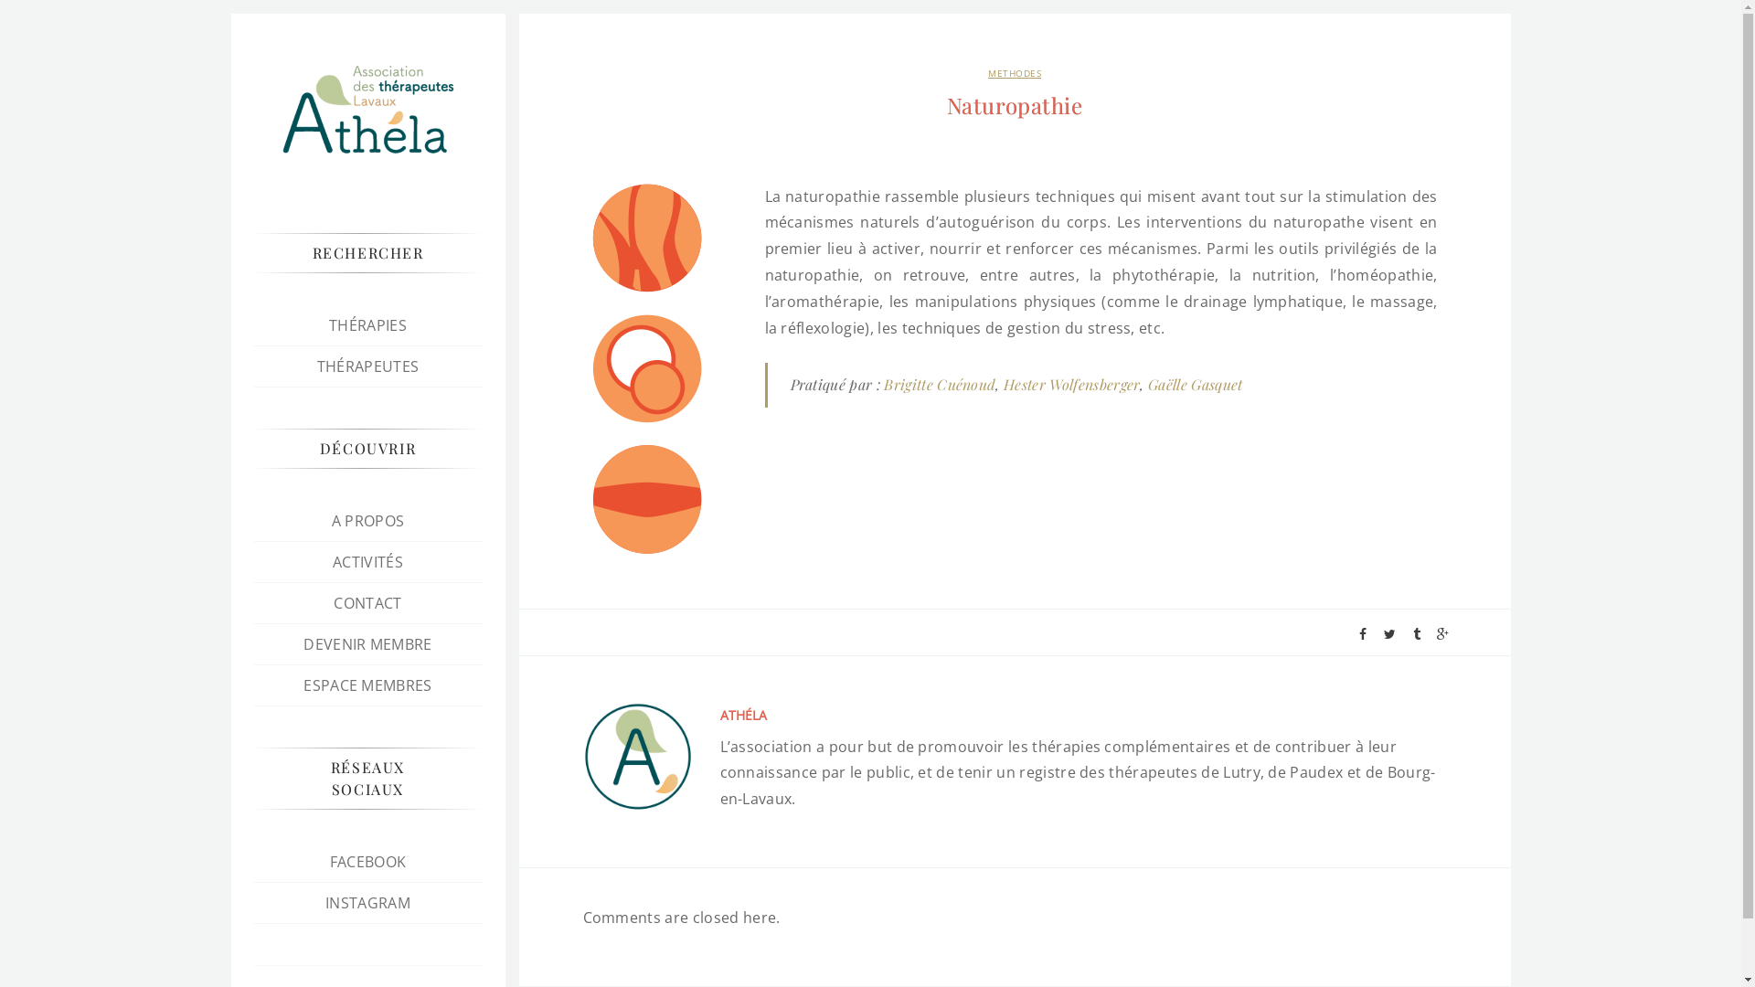  Describe the element at coordinates (367, 521) in the screenshot. I see `'A PROPOS'` at that location.